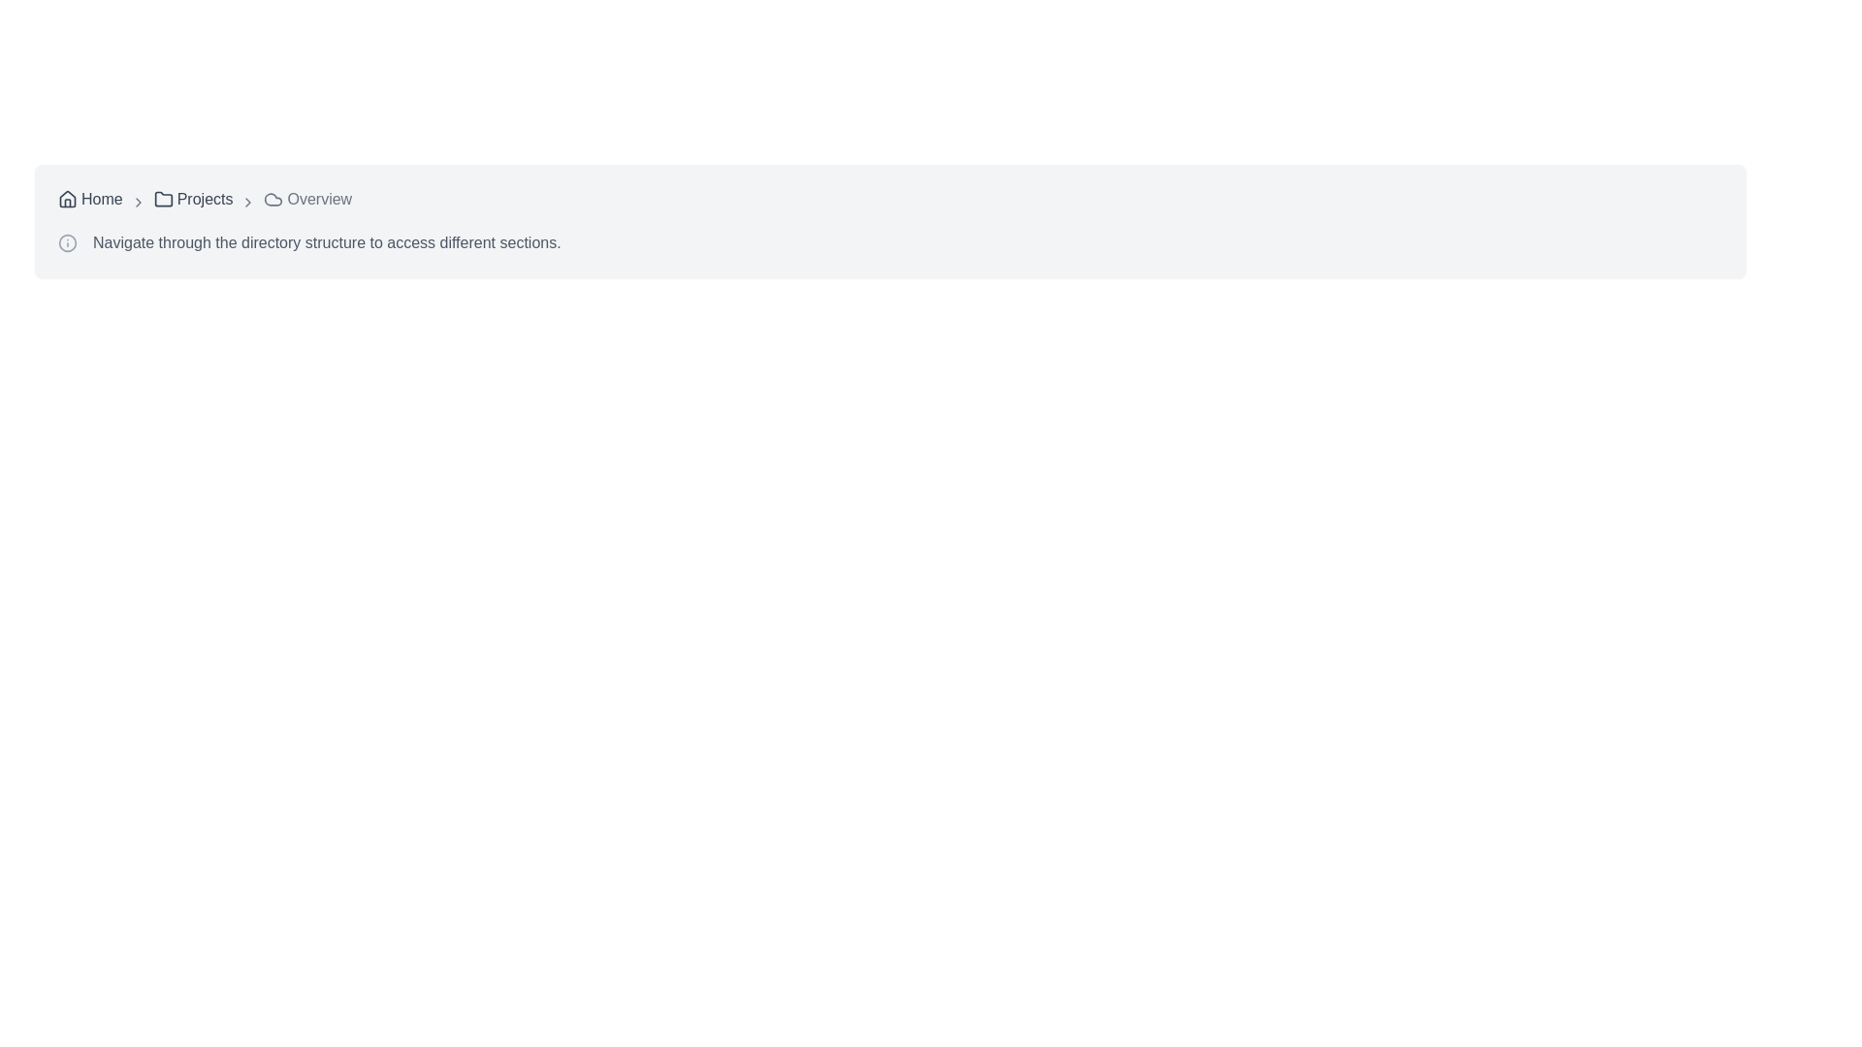  I want to click on the first clickable text in the breadcrumb navigation, so click(89, 202).